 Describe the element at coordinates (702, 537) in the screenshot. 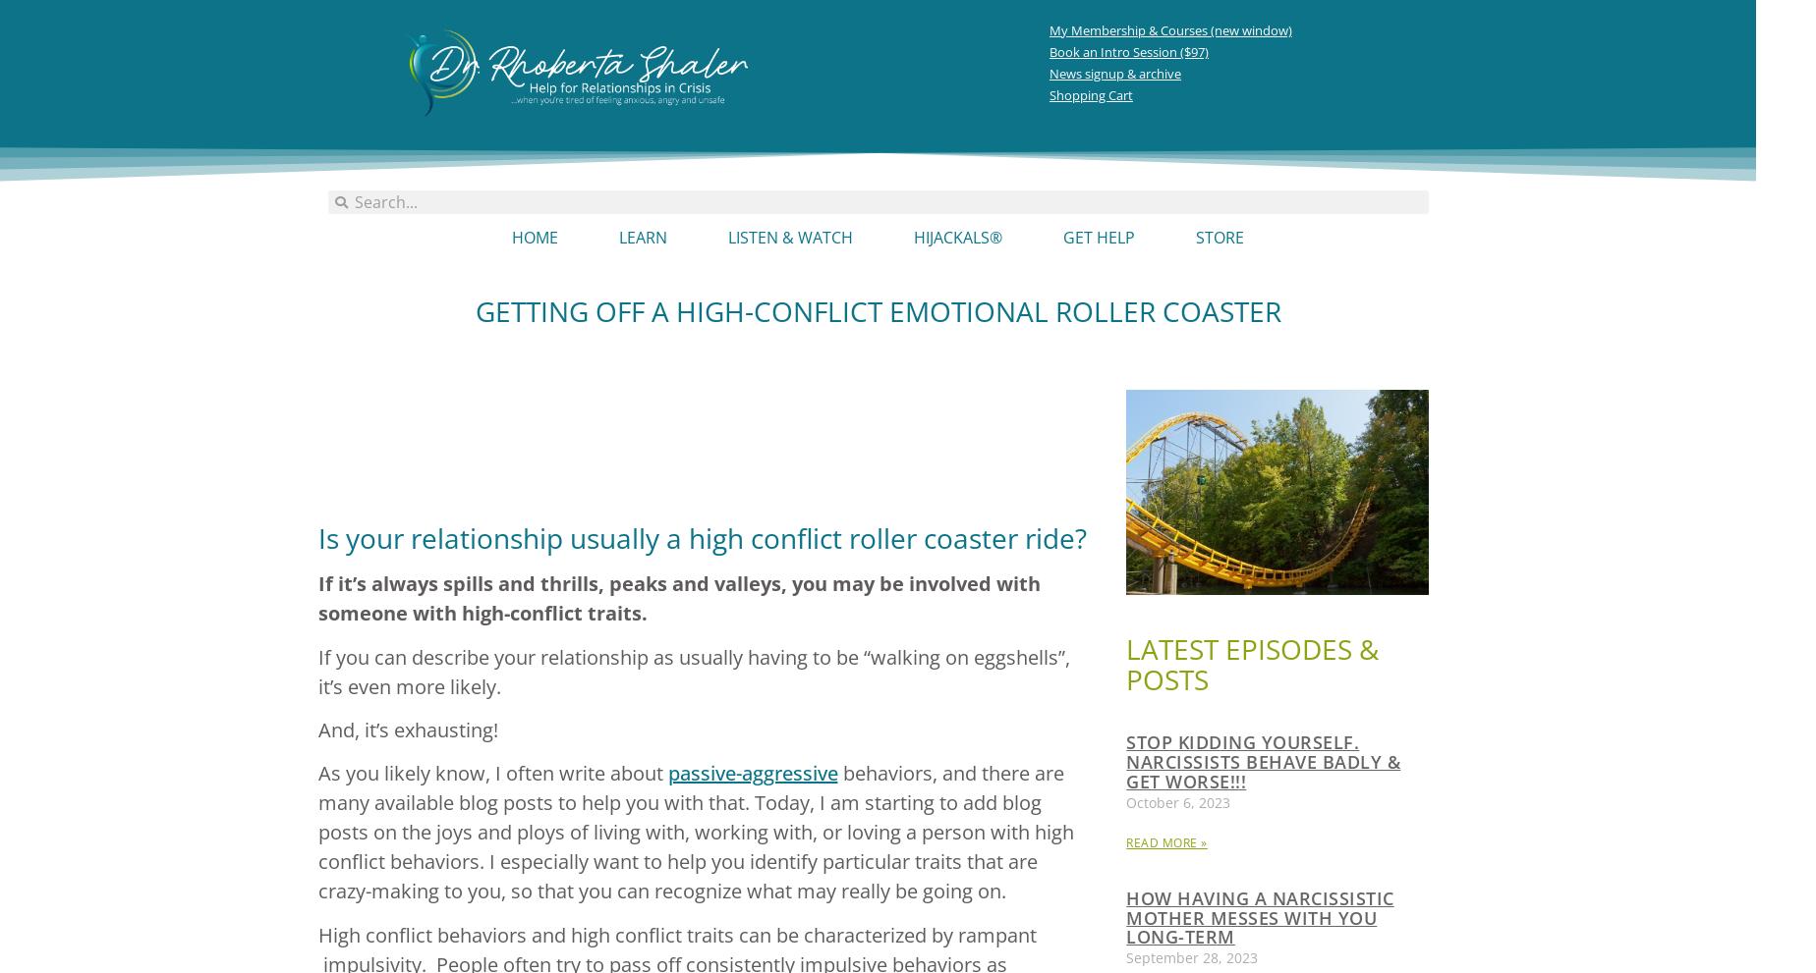

I see `'Is your relationship usually a high conflict roller coaster ride?'` at that location.